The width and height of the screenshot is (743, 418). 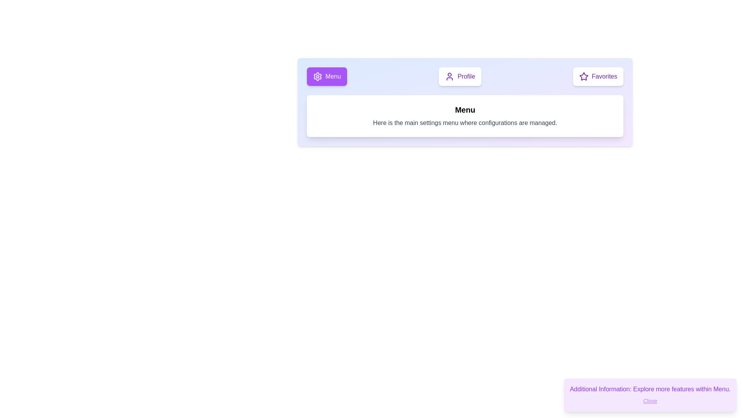 I want to click on the star icon with a purple stroke color located within the Favorites button at the top-right of the interface, so click(x=584, y=76).